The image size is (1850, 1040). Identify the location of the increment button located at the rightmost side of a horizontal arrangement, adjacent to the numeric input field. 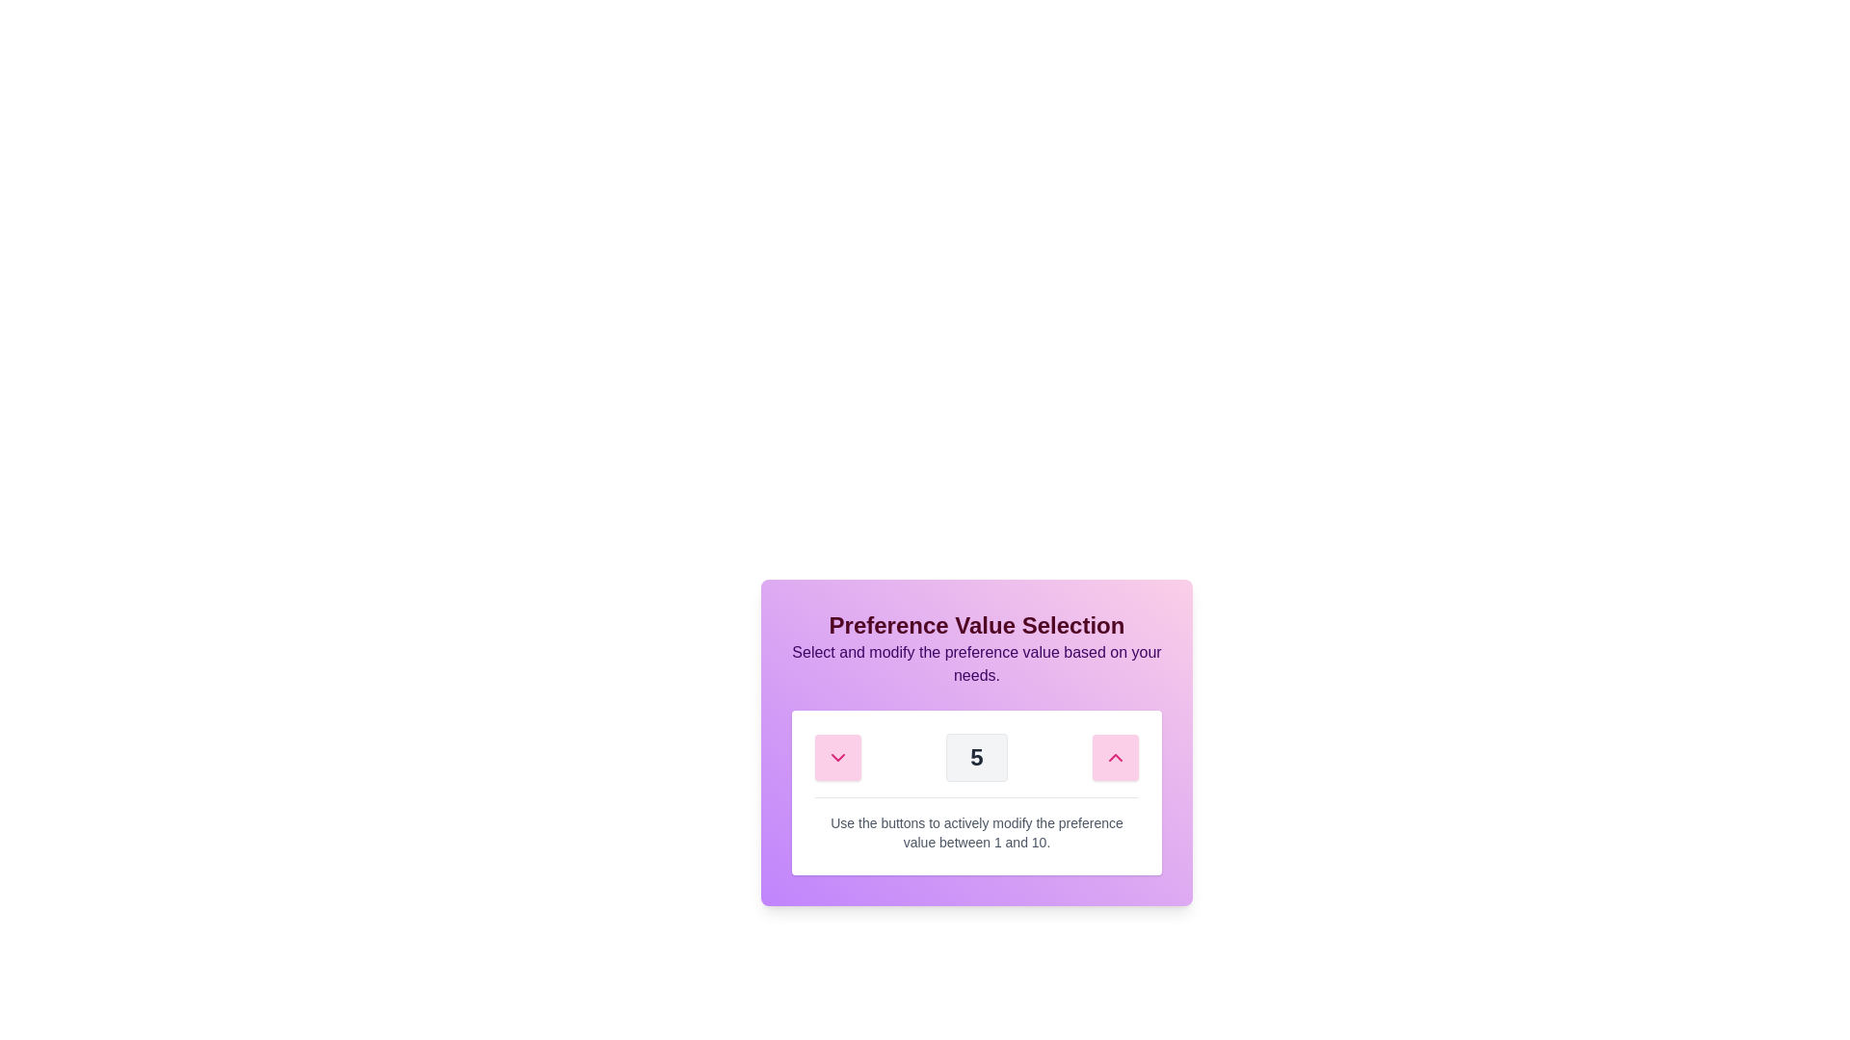
(1115, 756).